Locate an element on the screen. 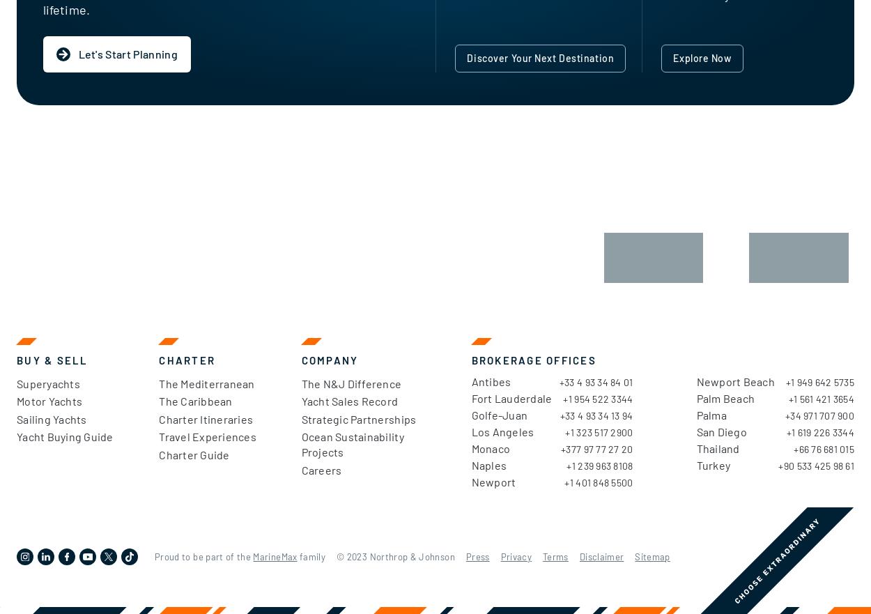  'Newport Beach' is located at coordinates (735, 380).